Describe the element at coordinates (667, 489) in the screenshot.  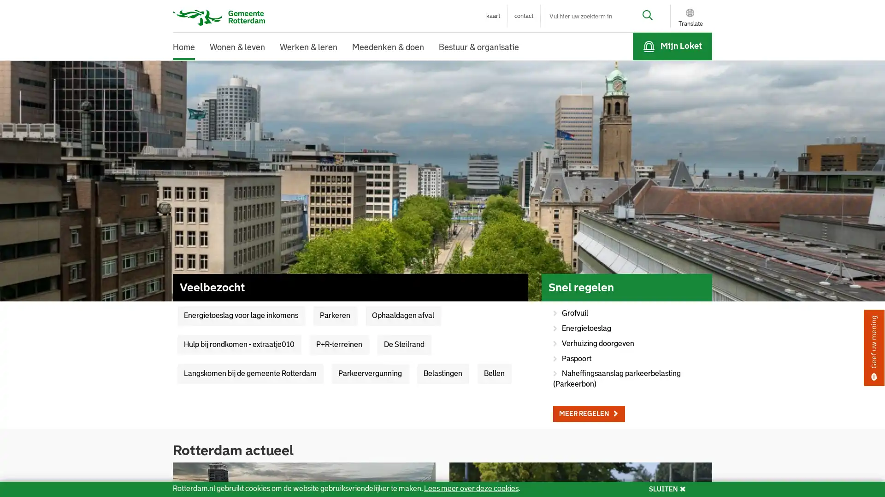
I see `SLUITEN` at that location.